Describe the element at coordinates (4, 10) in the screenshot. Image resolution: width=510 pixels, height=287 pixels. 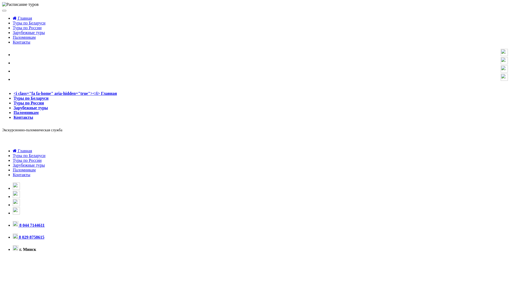
I see `'Toggle navigation'` at that location.